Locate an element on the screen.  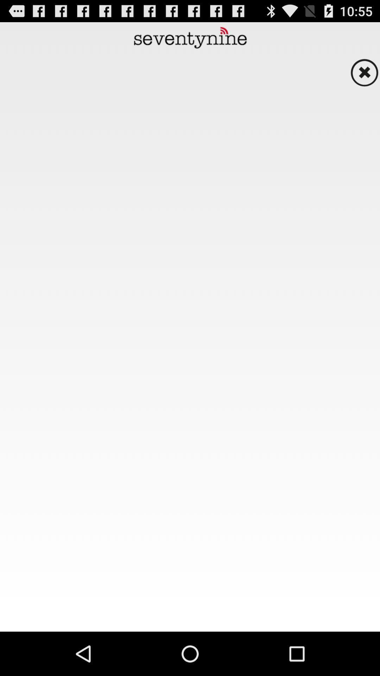
close is located at coordinates (364, 73).